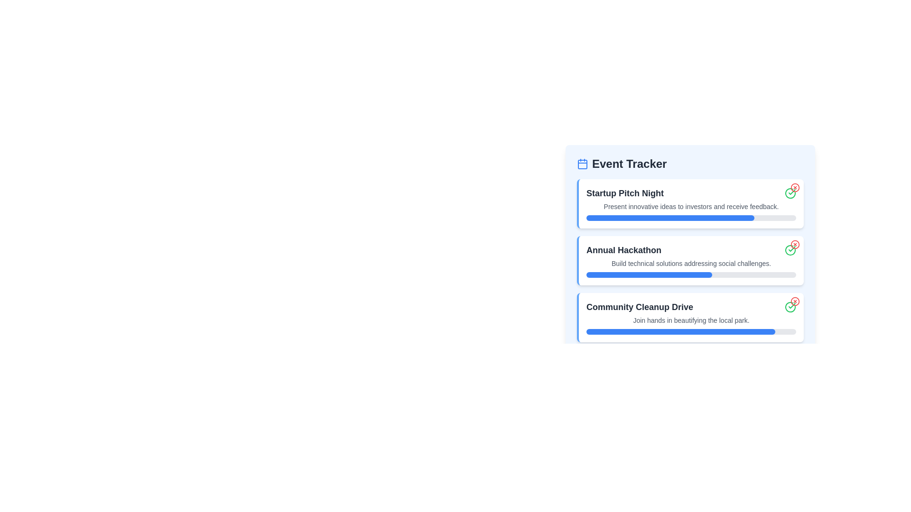  I want to click on the blue progress bar representing 90% completion for the 'Community Cleanup Drive' event, located within the 'Event Tracker' section, so click(680, 331).